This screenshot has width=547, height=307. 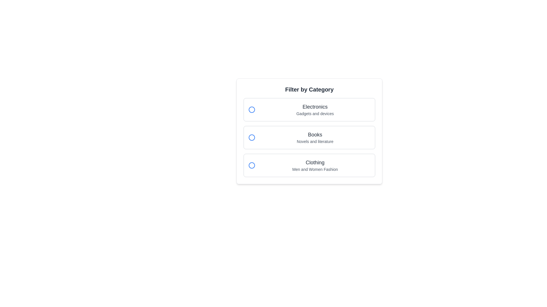 I want to click on the 'Books' option button in the category selection list, so click(x=309, y=137).